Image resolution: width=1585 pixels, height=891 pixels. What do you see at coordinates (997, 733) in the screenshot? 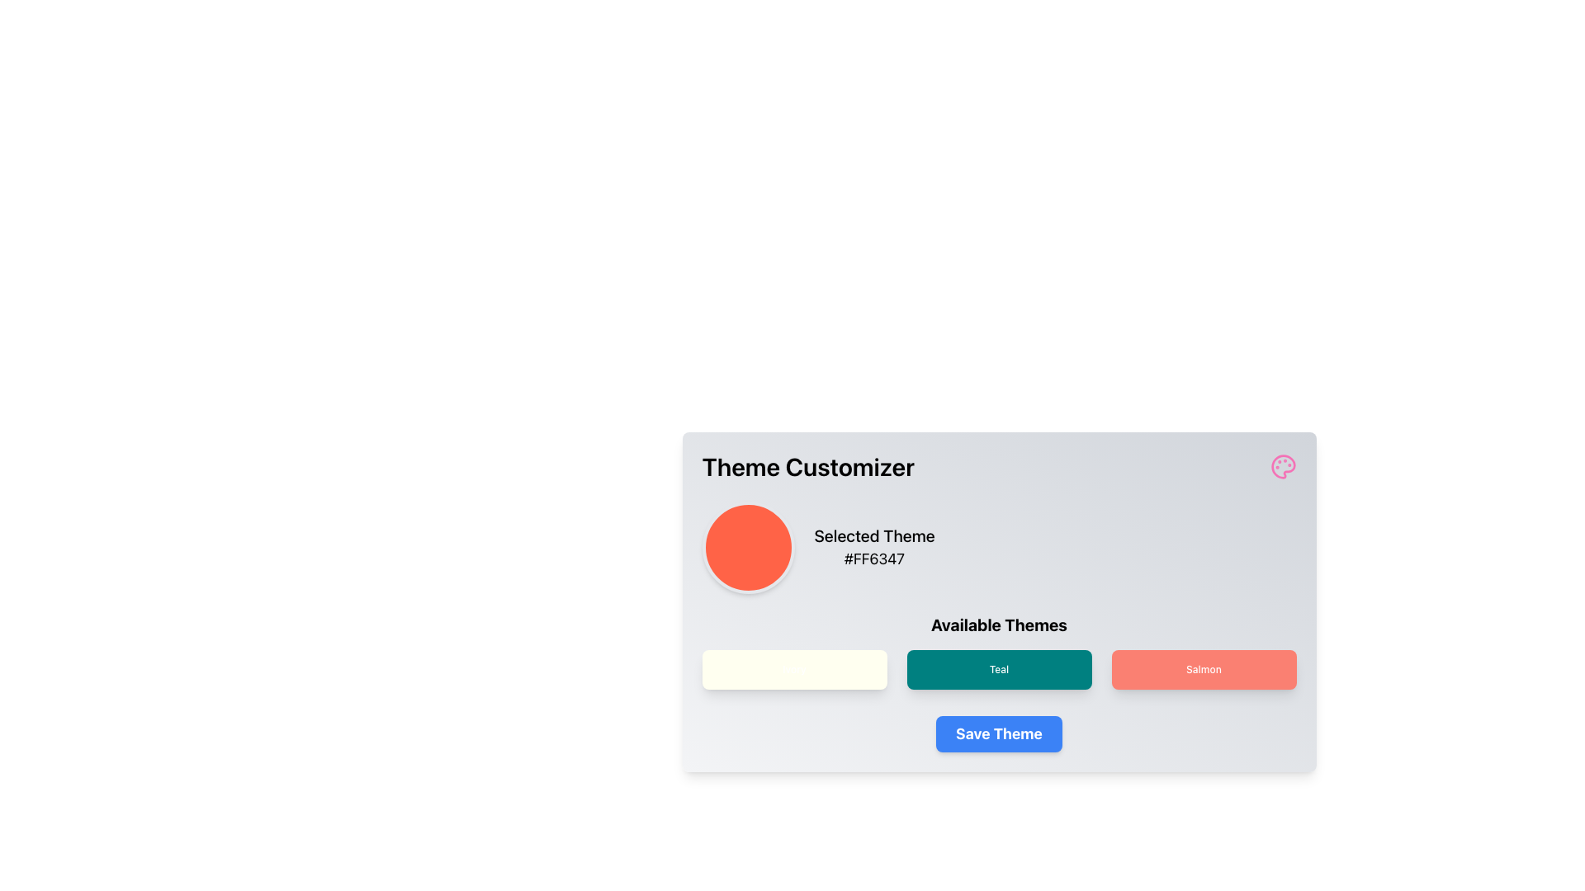
I see `the 'Save' button located near the bottom center of the 'Theme Customizer' dialog box` at bounding box center [997, 733].